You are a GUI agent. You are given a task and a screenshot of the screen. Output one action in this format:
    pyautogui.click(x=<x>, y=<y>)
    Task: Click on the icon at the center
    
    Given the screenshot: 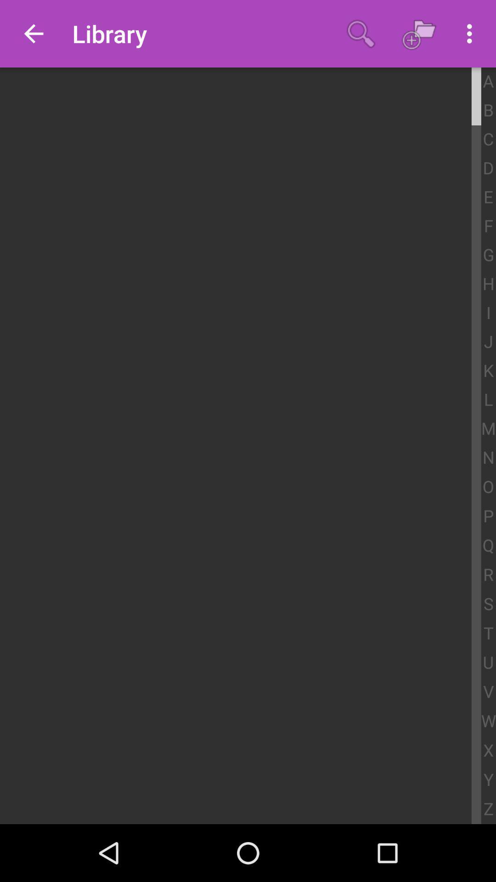 What is the action you would take?
    pyautogui.click(x=240, y=446)
    